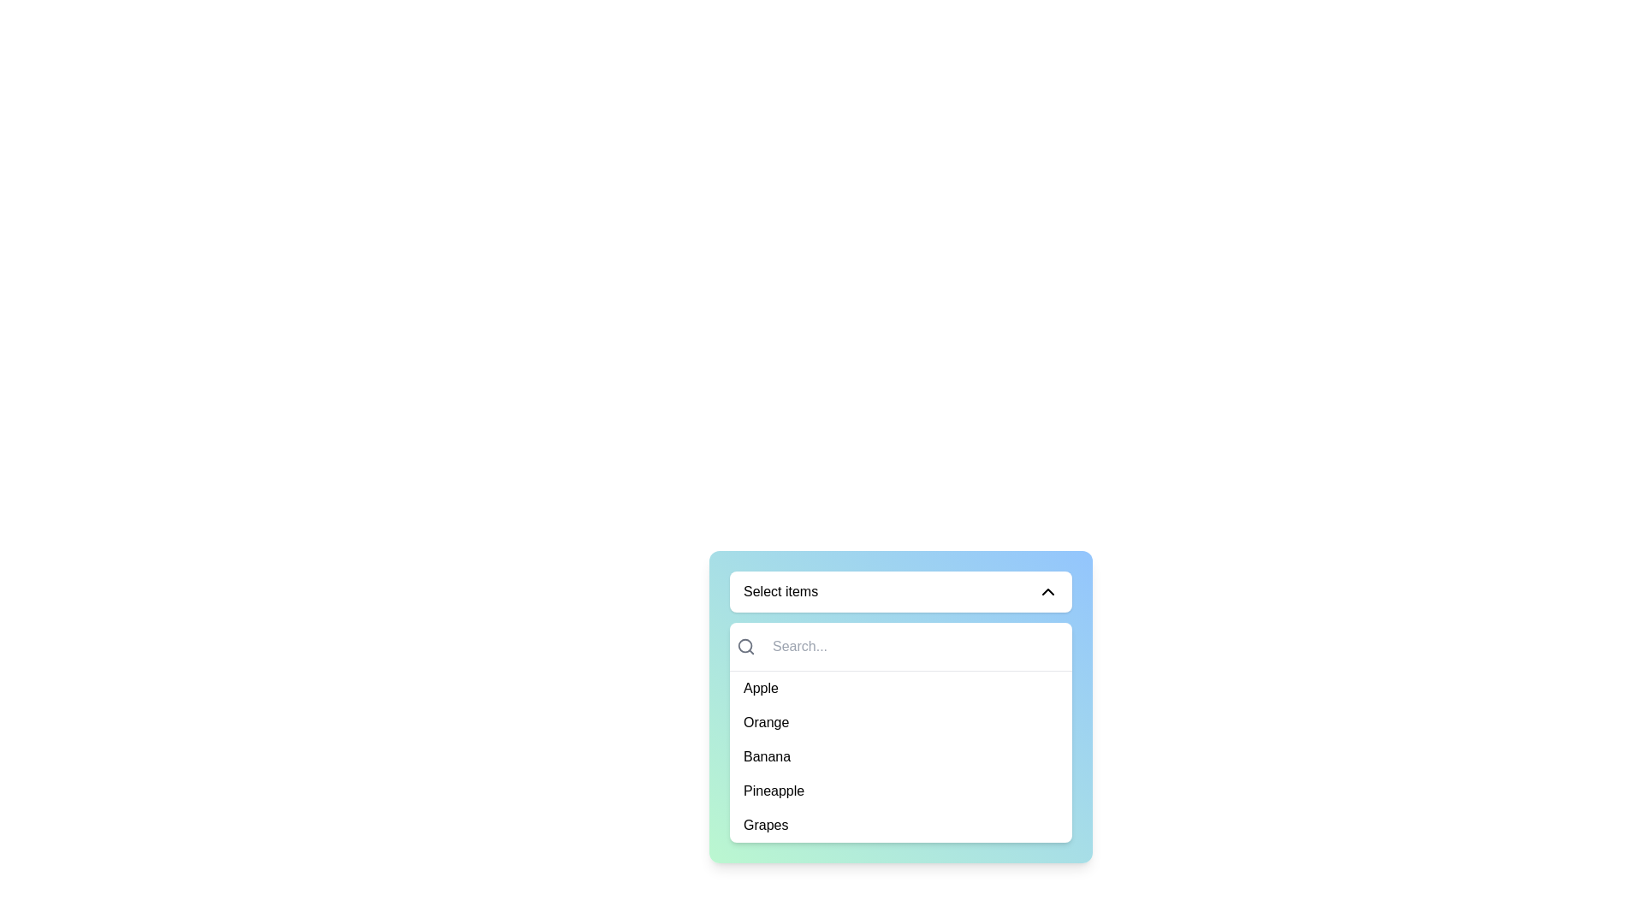  What do you see at coordinates (899, 791) in the screenshot?
I see `the dropdown menu option labeled 'Pineapple'` at bounding box center [899, 791].